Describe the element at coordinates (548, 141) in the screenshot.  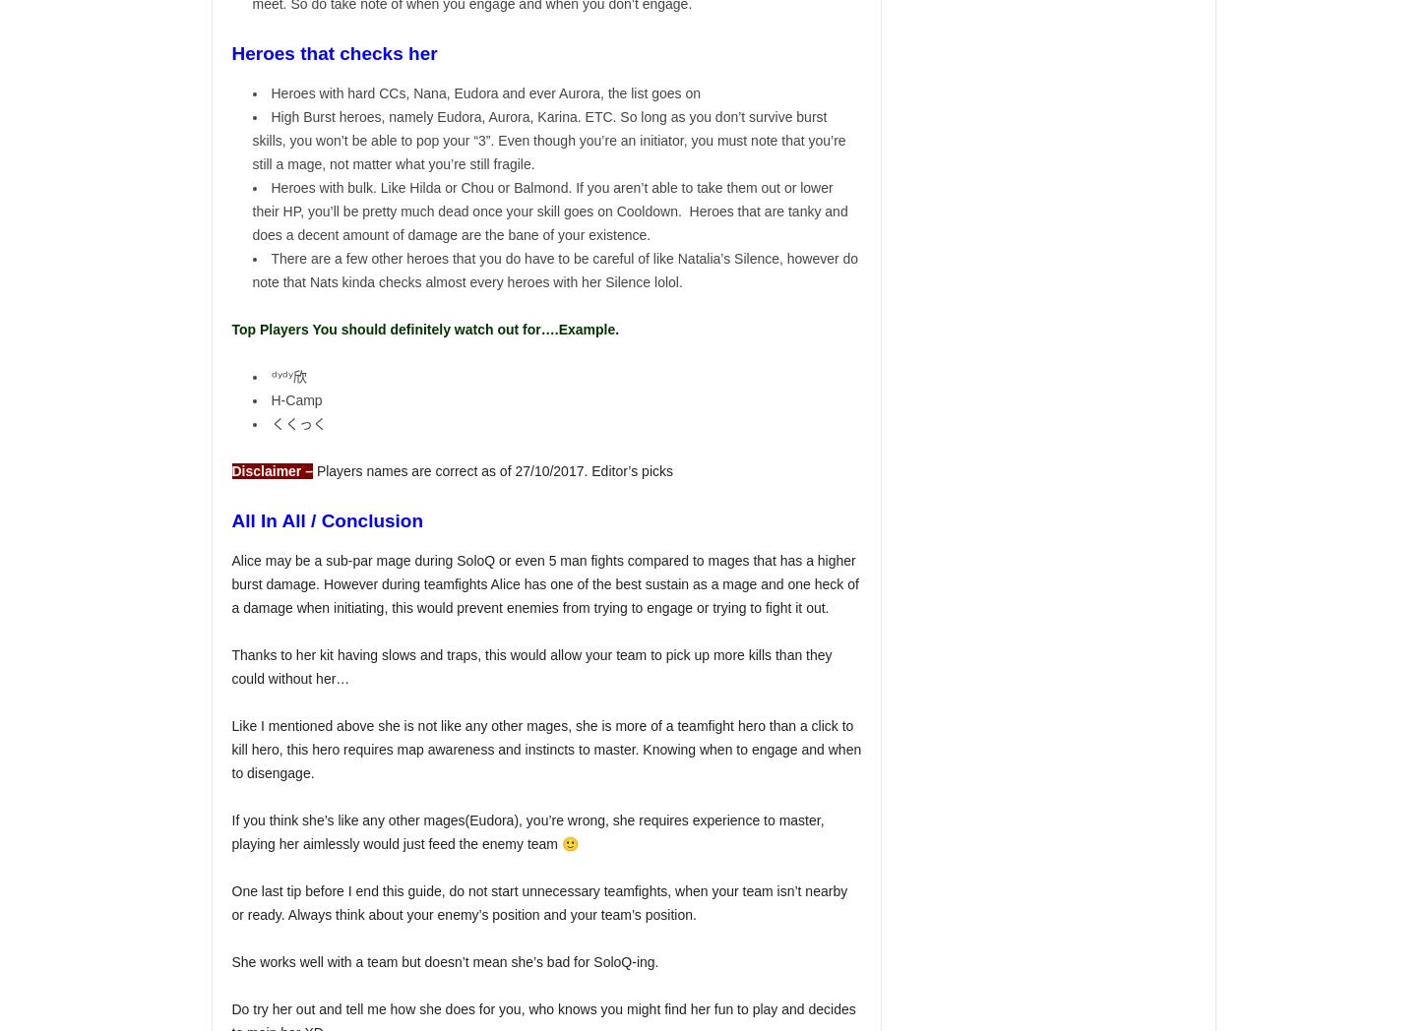
I see `'High Burst heroes, namely Eudora, Aurora, Karina. ETC. So long as you don’t survive burst skills, you won’t be able to pop your “3”. Even though you’re an initiator, you must note that you’re still a mage, not matter what you’re still fragile.'` at that location.